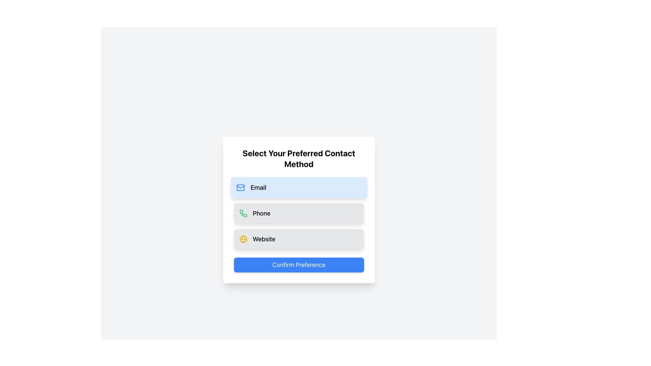 This screenshot has width=651, height=366. I want to click on the 'Phone' selectable button, which is the second option in the vertical list of contact methods, so click(298, 213).